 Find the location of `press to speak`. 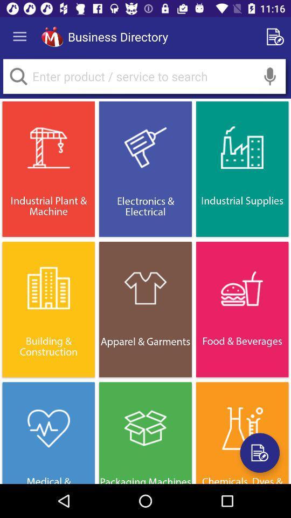

press to speak is located at coordinates (269, 76).